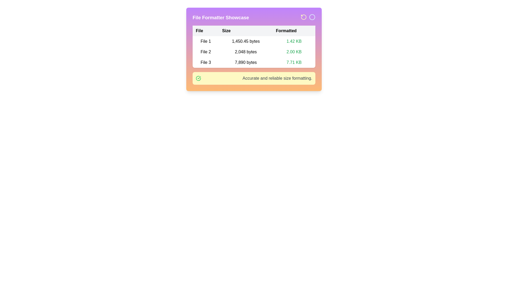 The height and width of the screenshot is (285, 508). Describe the element at coordinates (254, 78) in the screenshot. I see `the Informative banner with a light yellow background, containing a green checkmark icon and the text 'Accurate and reliable size formatting.' located at the bottom of the 'File Formatter Showcase' card` at that location.